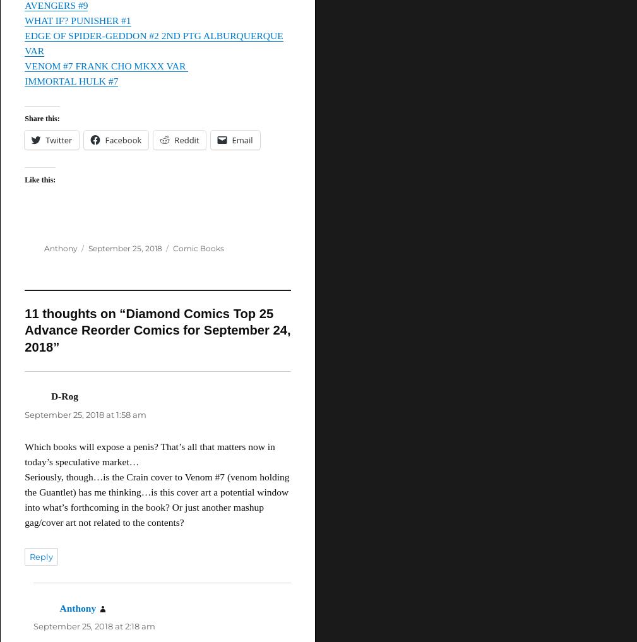 This screenshot has width=637, height=642. Describe the element at coordinates (149, 453) in the screenshot. I see `'Which books will expose a penis?  That’s all that matters now in today’s speculative market…'` at that location.